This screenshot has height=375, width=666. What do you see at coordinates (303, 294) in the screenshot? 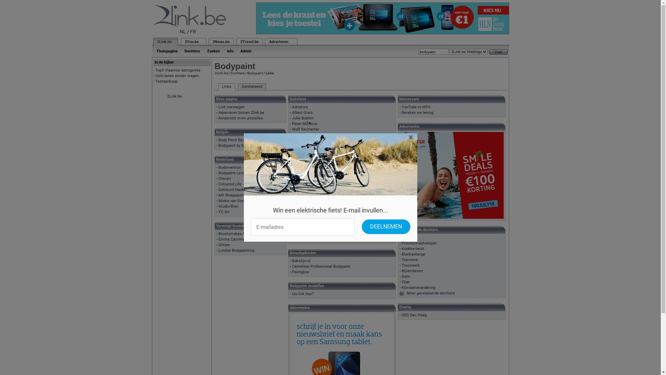
I see `'Uw link hier?'` at bounding box center [303, 294].